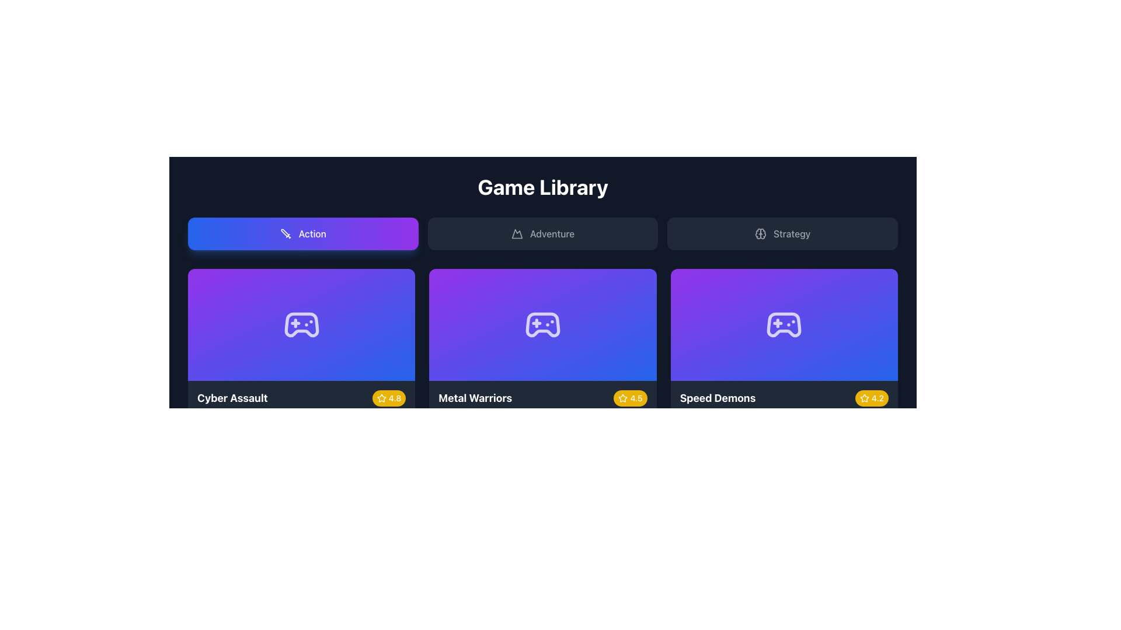  Describe the element at coordinates (542, 324) in the screenshot. I see `the central game icon in the three-card layout of the game library section, which visually represents the associated game for identification` at that location.